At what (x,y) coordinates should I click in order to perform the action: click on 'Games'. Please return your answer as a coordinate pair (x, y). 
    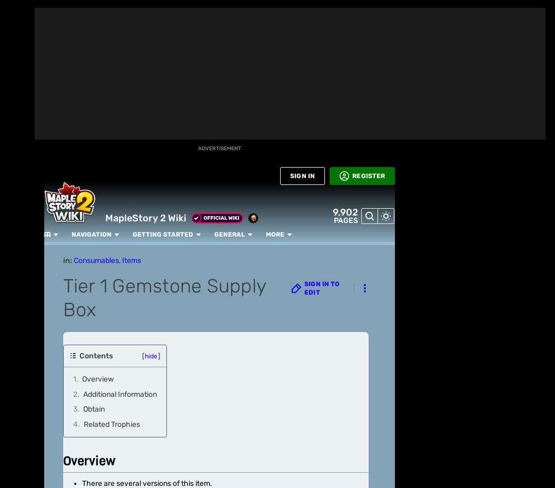
    Looking at the image, I should click on (7, 151).